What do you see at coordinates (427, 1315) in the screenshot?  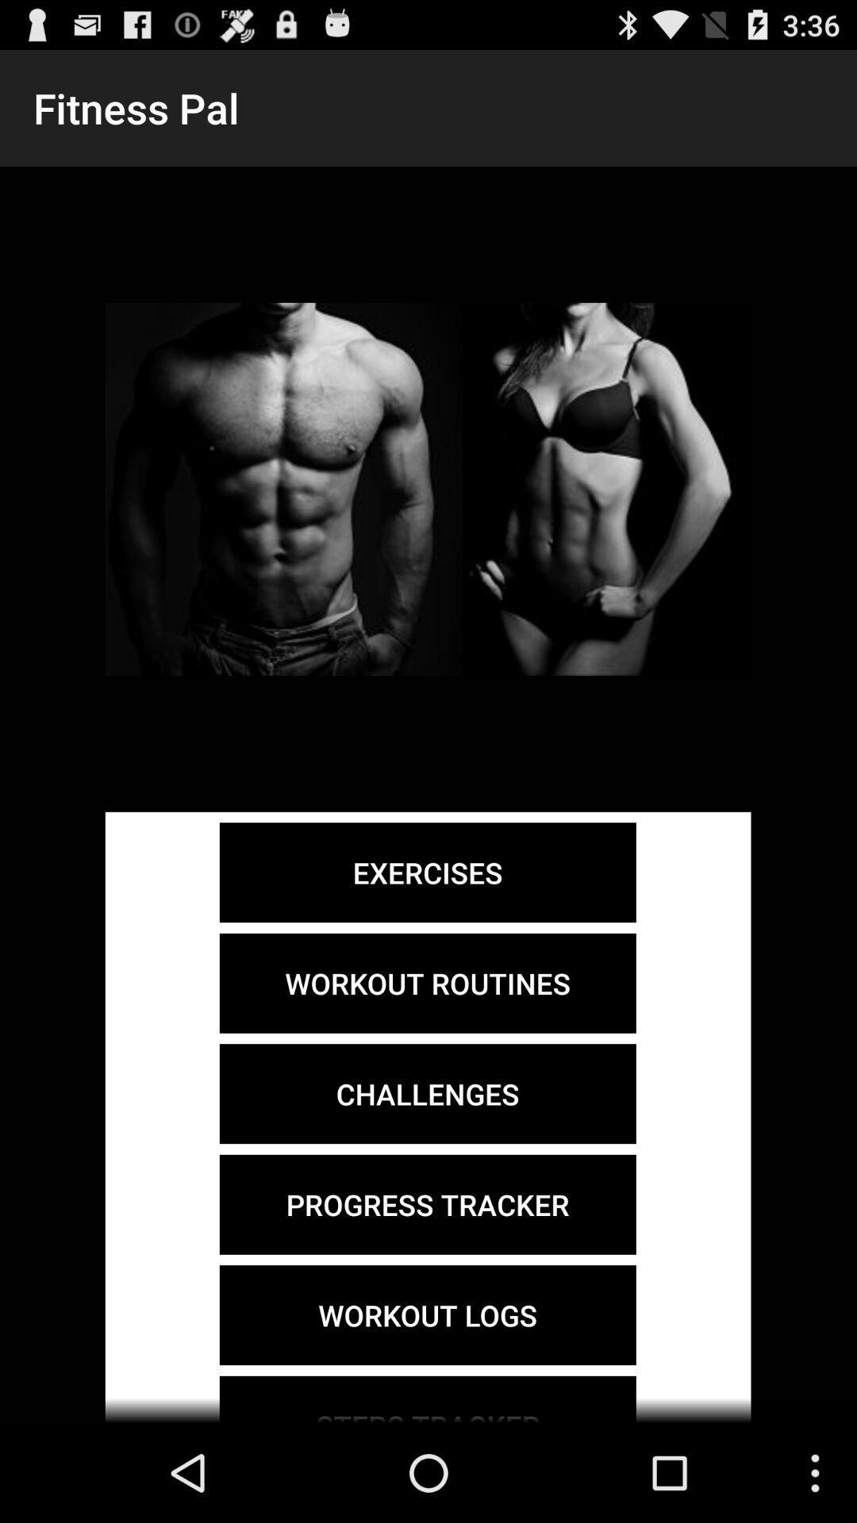 I see `the workout logs icon` at bounding box center [427, 1315].